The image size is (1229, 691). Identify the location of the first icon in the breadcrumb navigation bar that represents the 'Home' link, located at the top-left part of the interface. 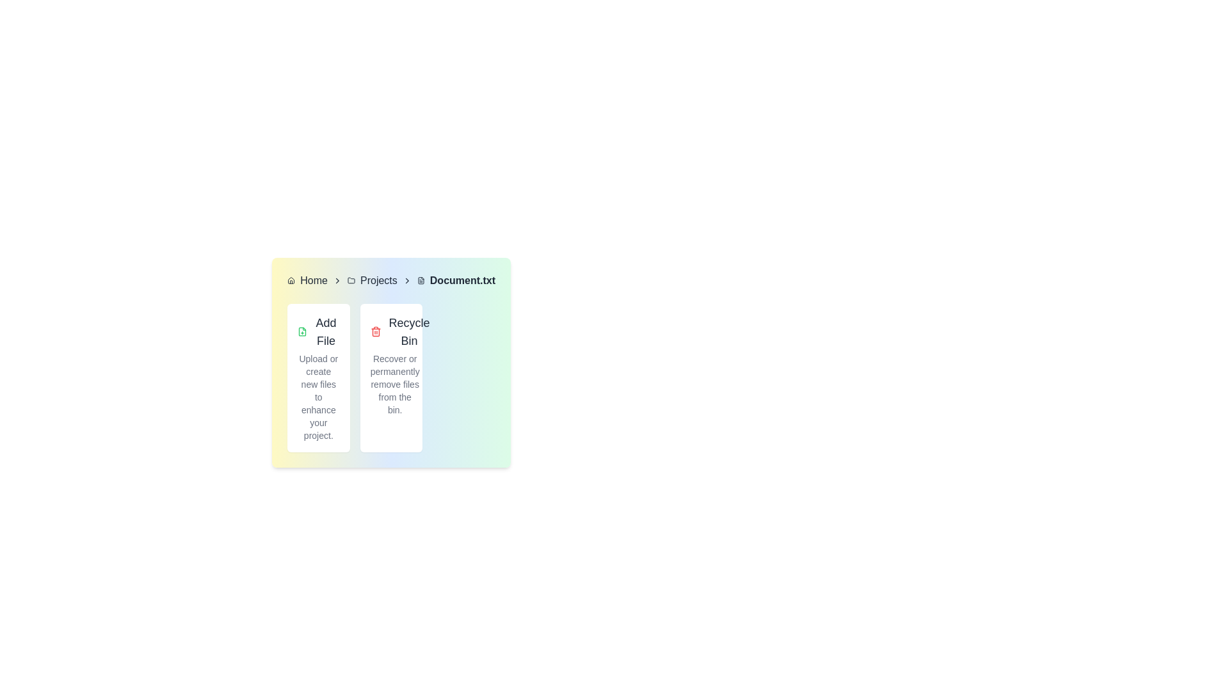
(291, 280).